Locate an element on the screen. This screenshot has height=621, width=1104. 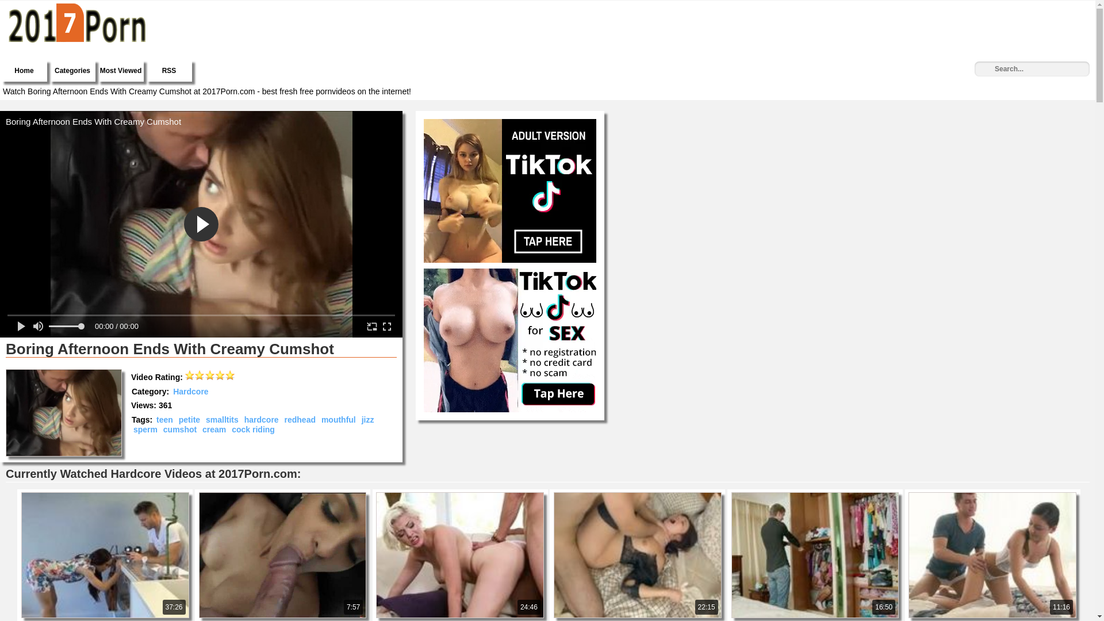
'petite' is located at coordinates (189, 419).